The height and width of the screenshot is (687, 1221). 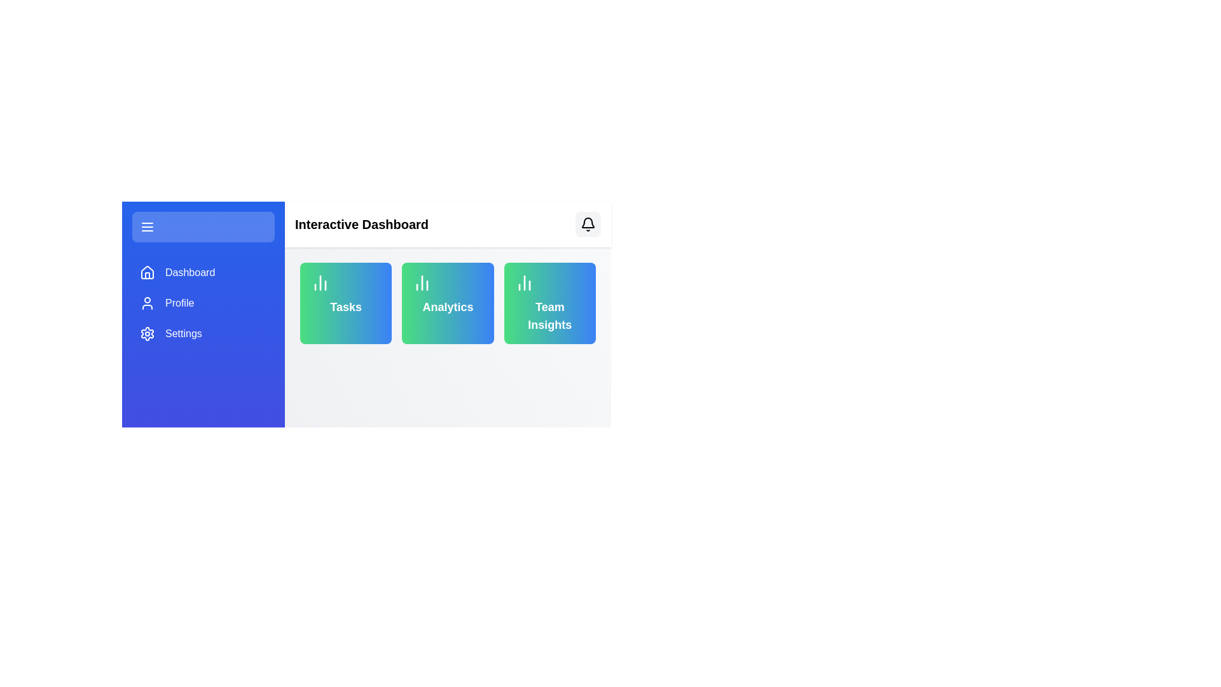 What do you see at coordinates (588, 222) in the screenshot?
I see `the notification indicator icon located in the upper right area of the header section, which is likely tied to alerts or updates` at bounding box center [588, 222].